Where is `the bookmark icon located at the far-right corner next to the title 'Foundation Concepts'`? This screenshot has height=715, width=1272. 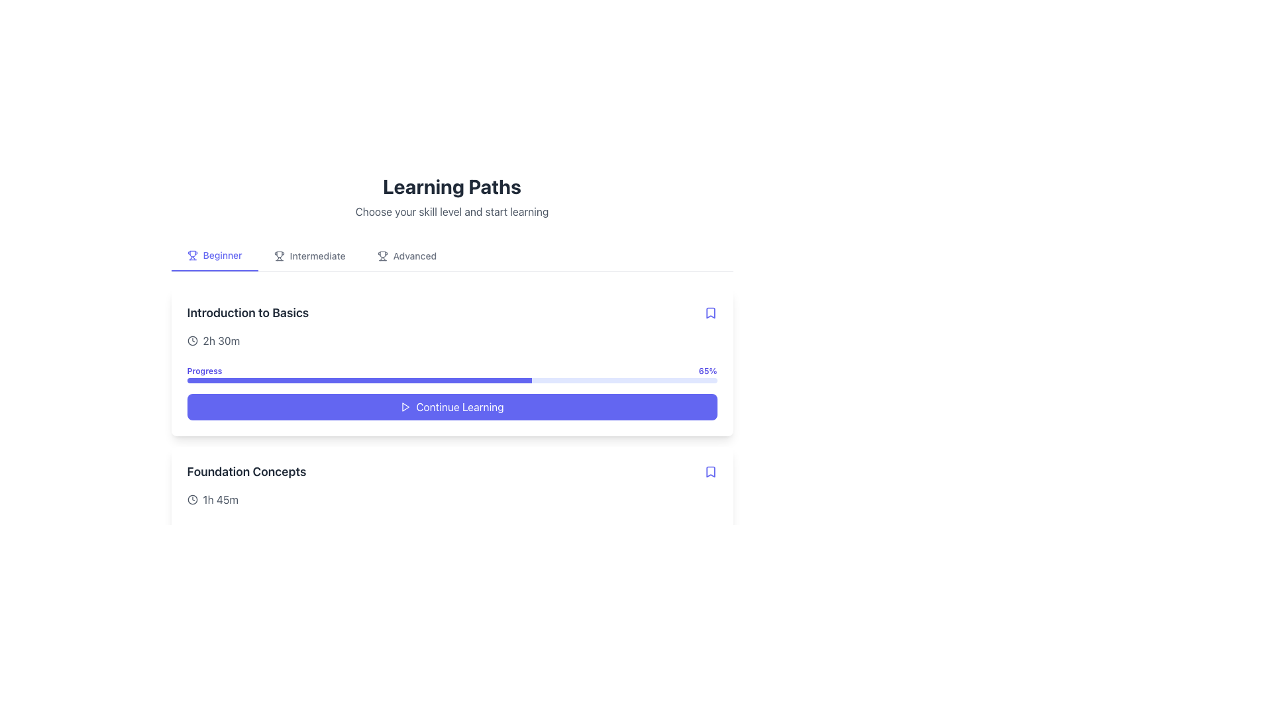
the bookmark icon located at the far-right corner next to the title 'Foundation Concepts' is located at coordinates (710, 471).